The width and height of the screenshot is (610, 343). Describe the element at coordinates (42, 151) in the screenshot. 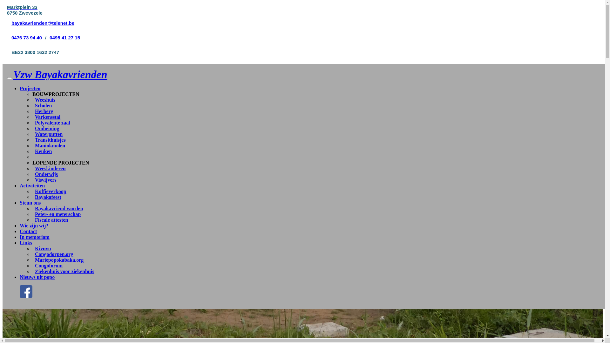

I see `'Keuken'` at that location.